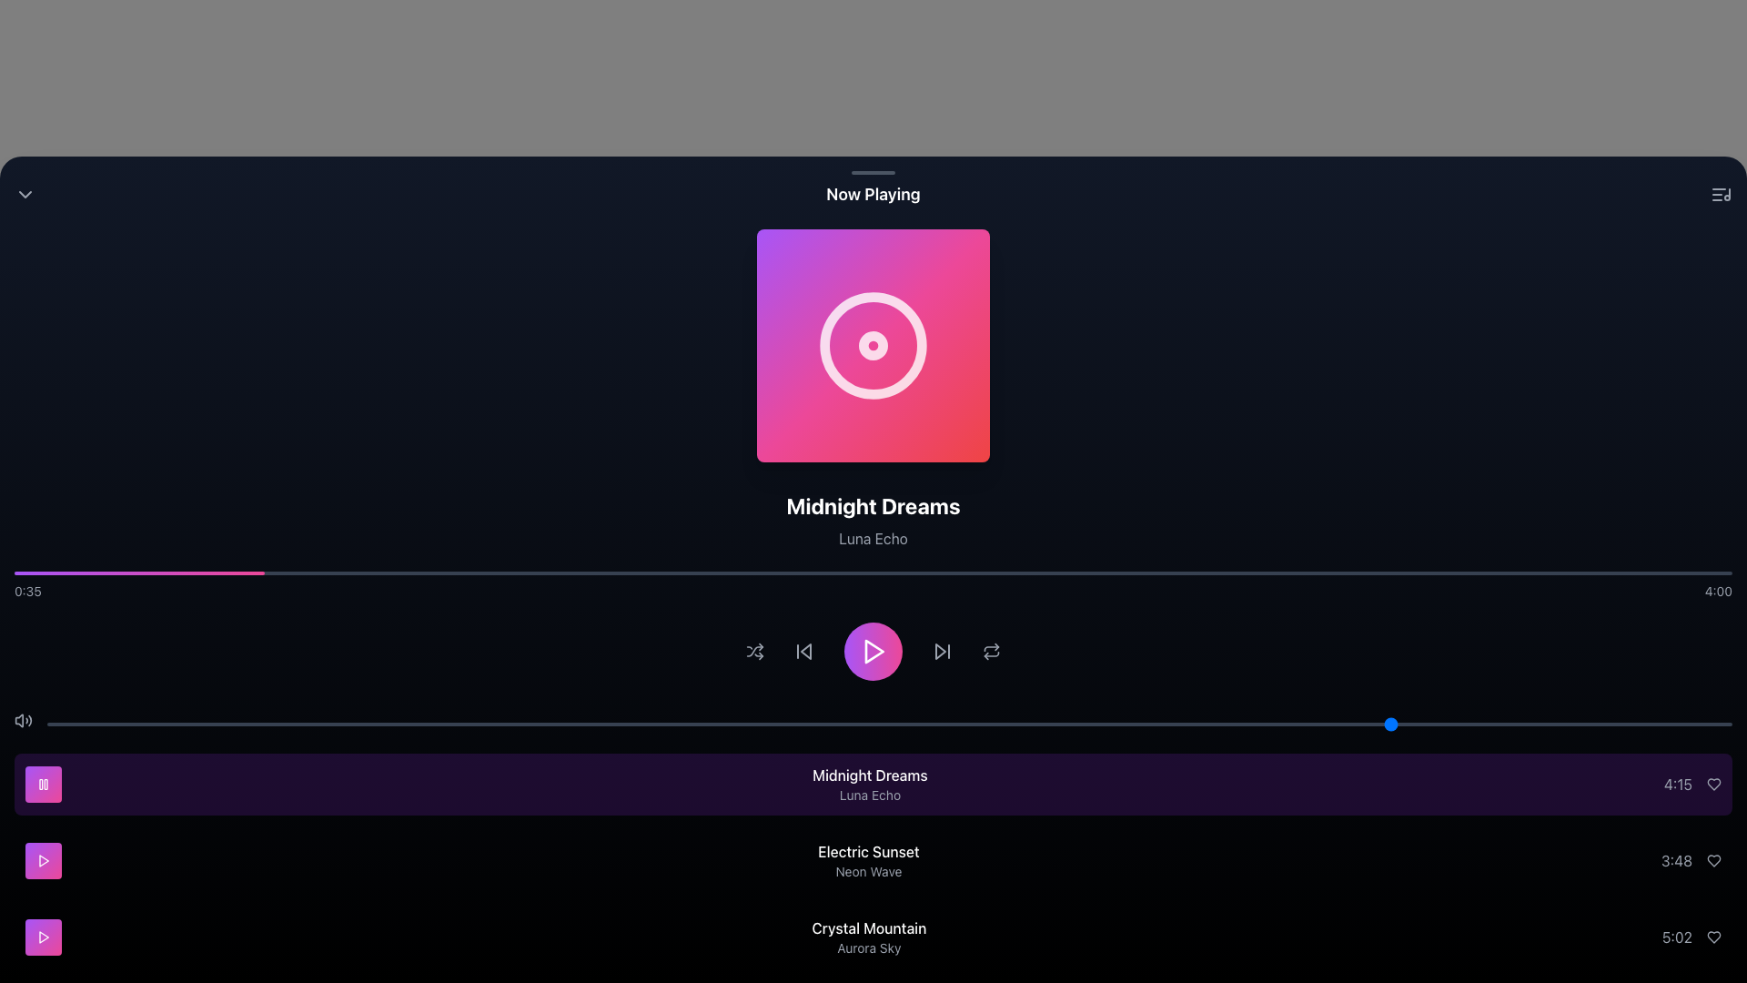 This screenshot has width=1747, height=983. Describe the element at coordinates (754, 723) in the screenshot. I see `the slider value` at that location.